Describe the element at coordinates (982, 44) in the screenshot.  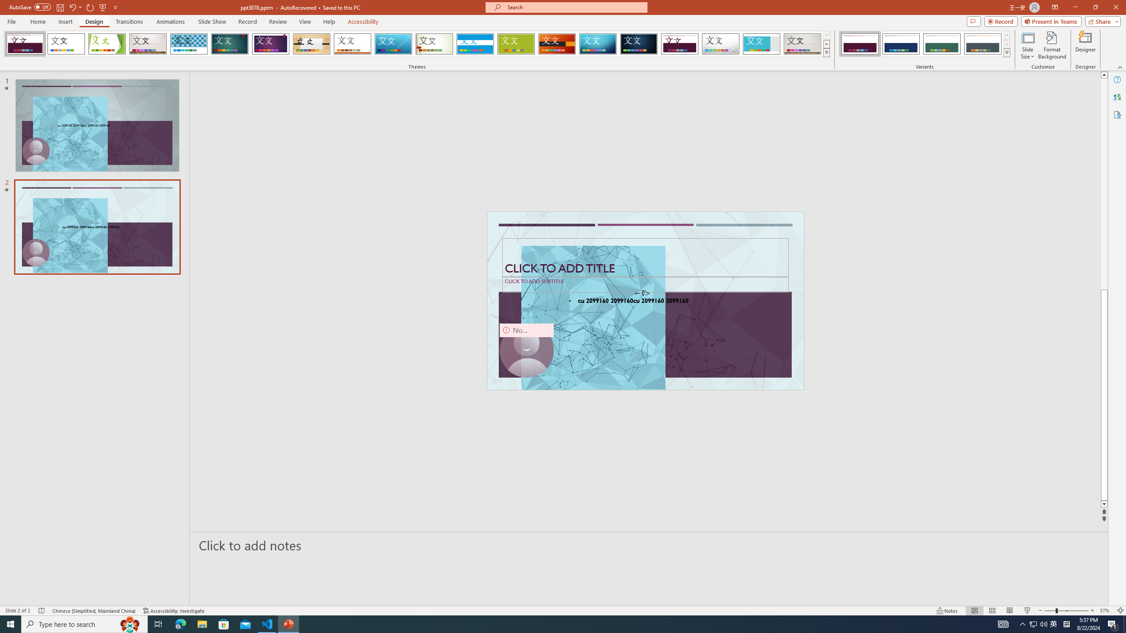
I see `'Dividend Variant 4'` at that location.